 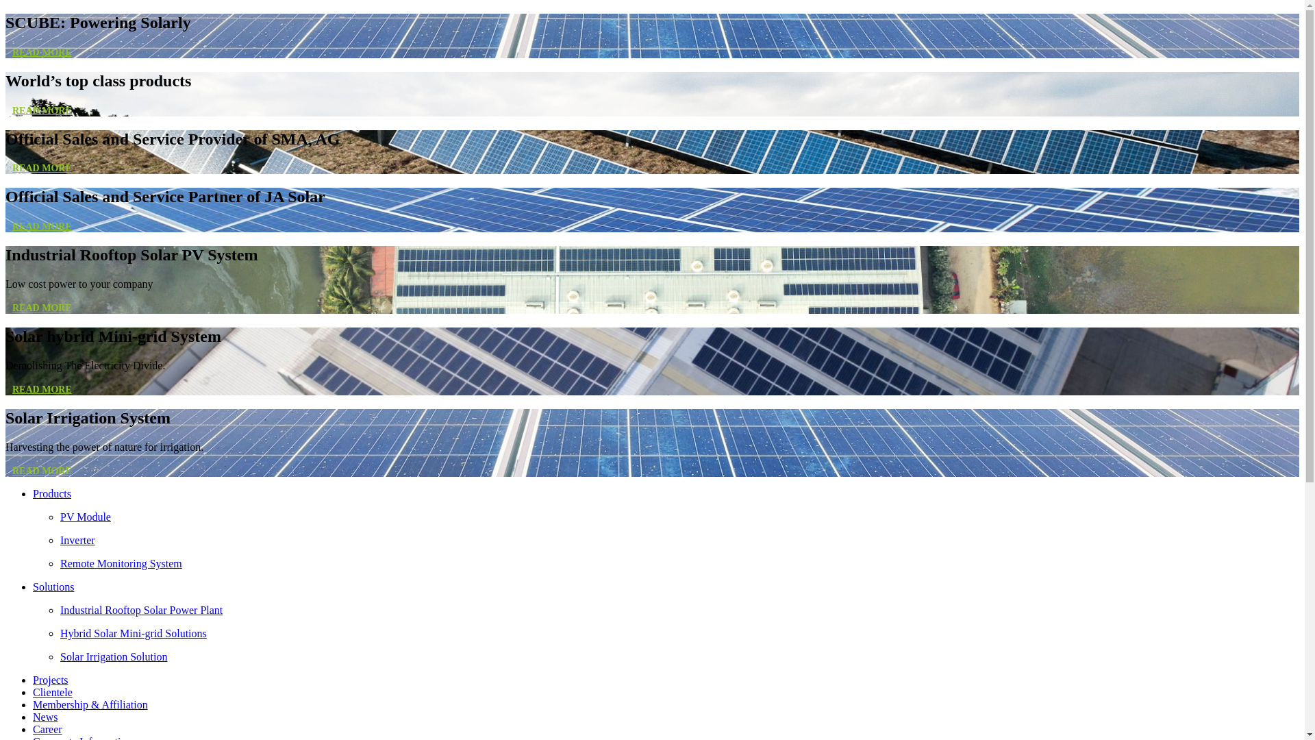 I want to click on 'News', so click(x=45, y=716).